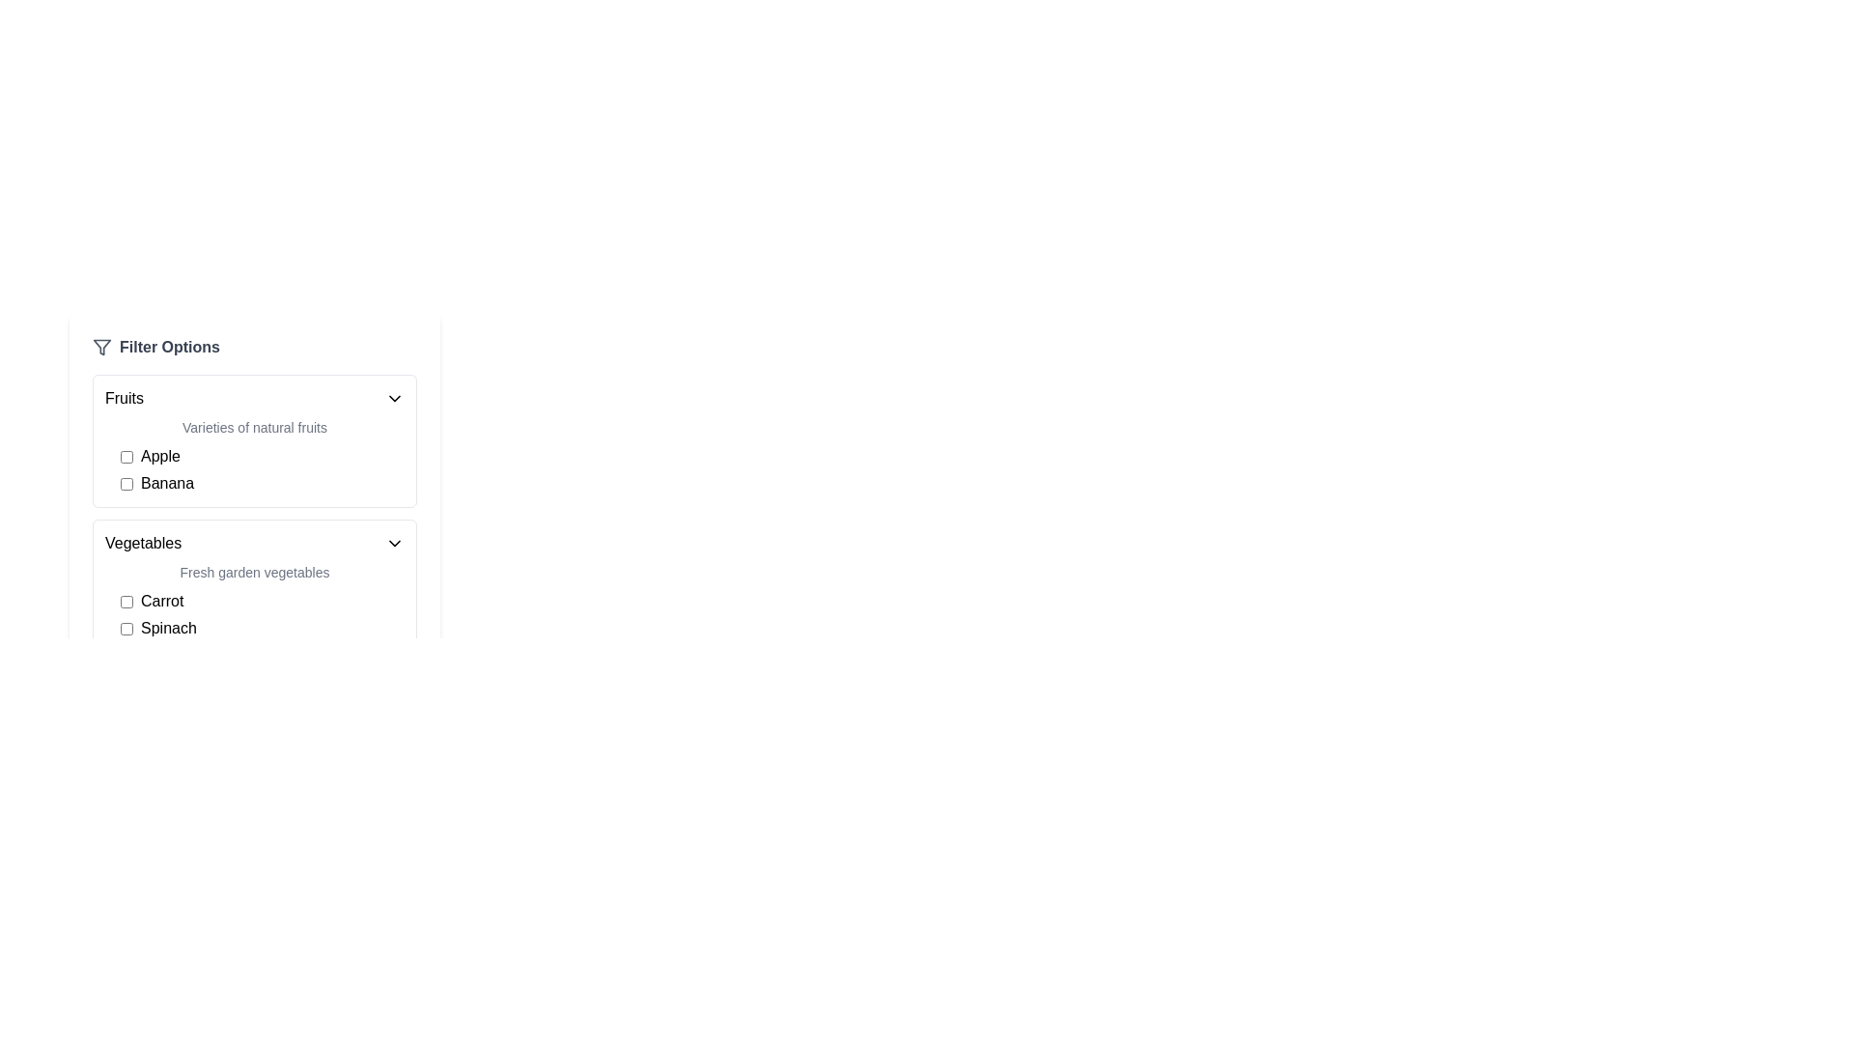 The width and height of the screenshot is (1854, 1043). Describe the element at coordinates (160, 457) in the screenshot. I see `the 'Apple' label, which is a textual identifier for a checkbox in the 'Fruits' category, positioned beside a multi-state checkbox` at that location.